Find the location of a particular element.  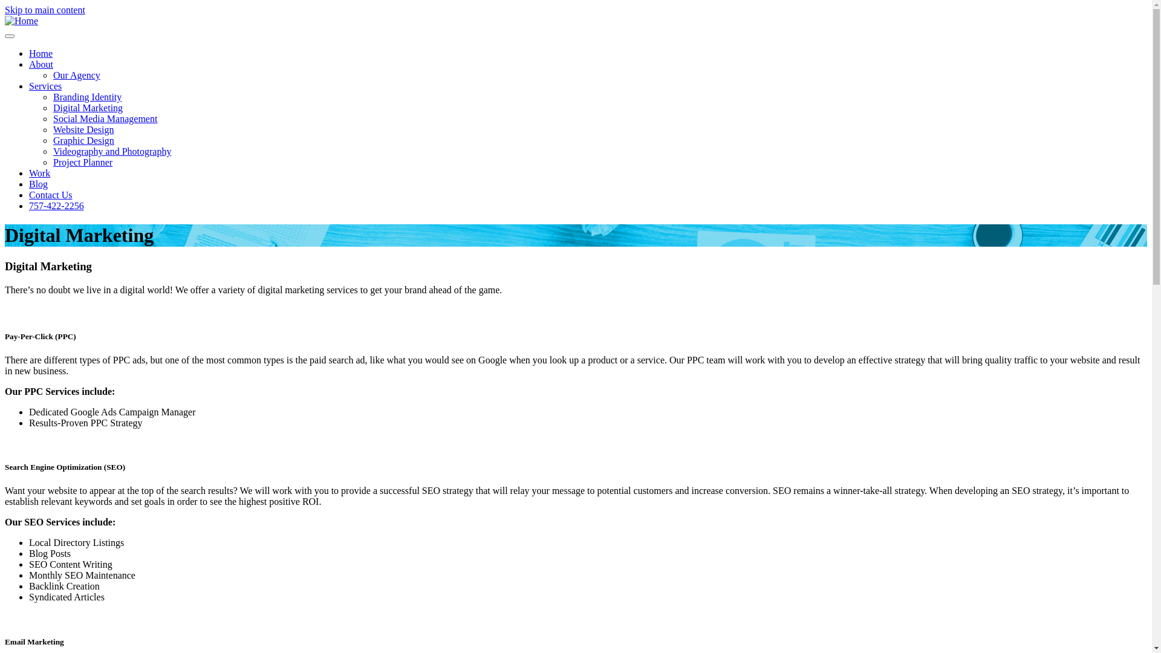

'Website Design' is located at coordinates (83, 129).